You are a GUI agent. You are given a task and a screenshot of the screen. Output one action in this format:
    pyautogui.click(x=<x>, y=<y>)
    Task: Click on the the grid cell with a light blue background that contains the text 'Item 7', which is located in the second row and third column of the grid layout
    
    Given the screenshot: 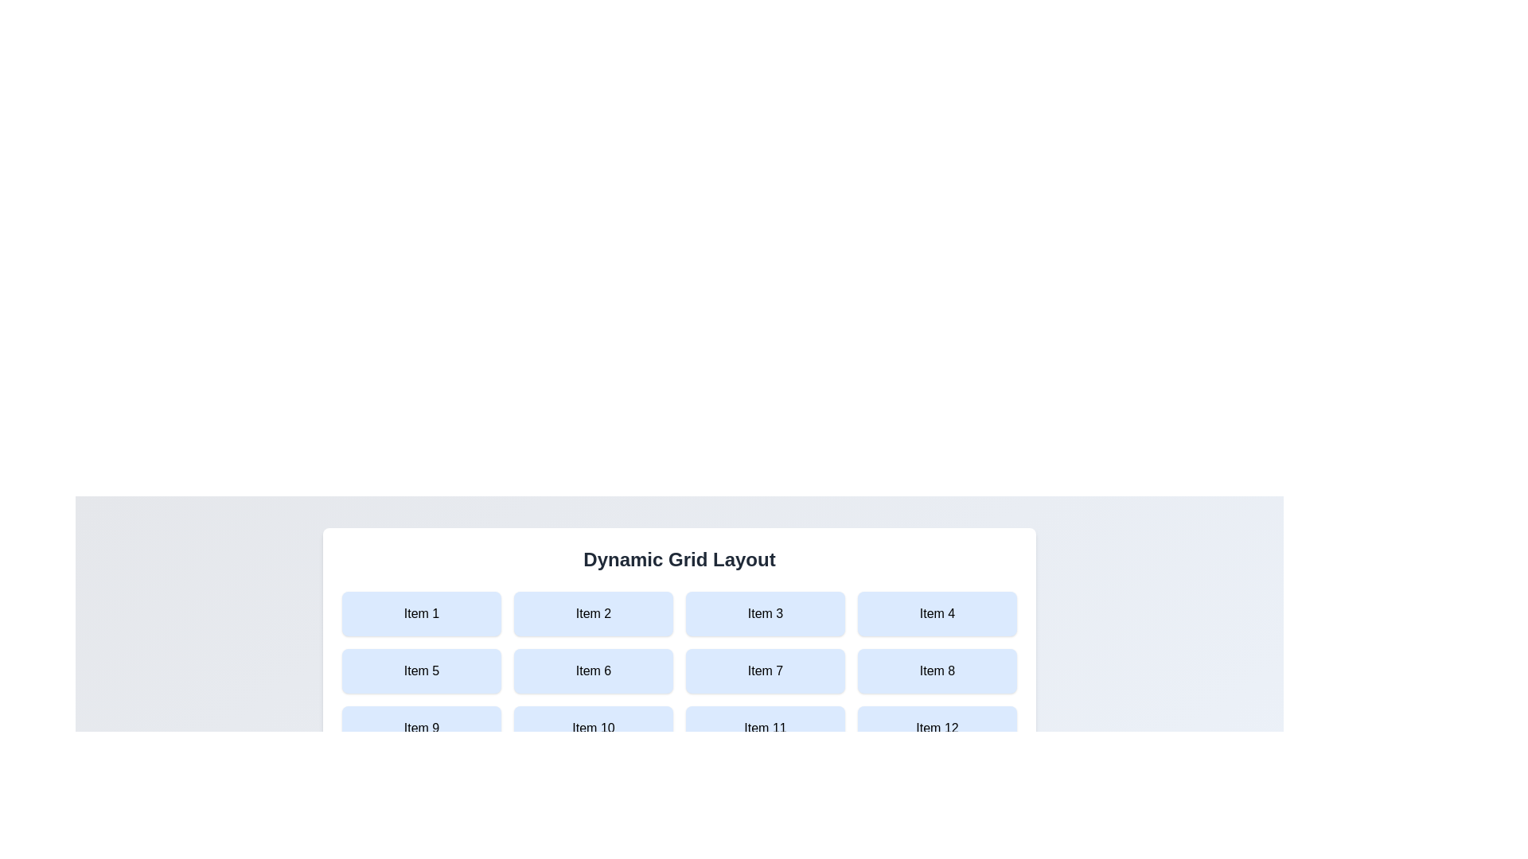 What is the action you would take?
    pyautogui.click(x=765, y=671)
    